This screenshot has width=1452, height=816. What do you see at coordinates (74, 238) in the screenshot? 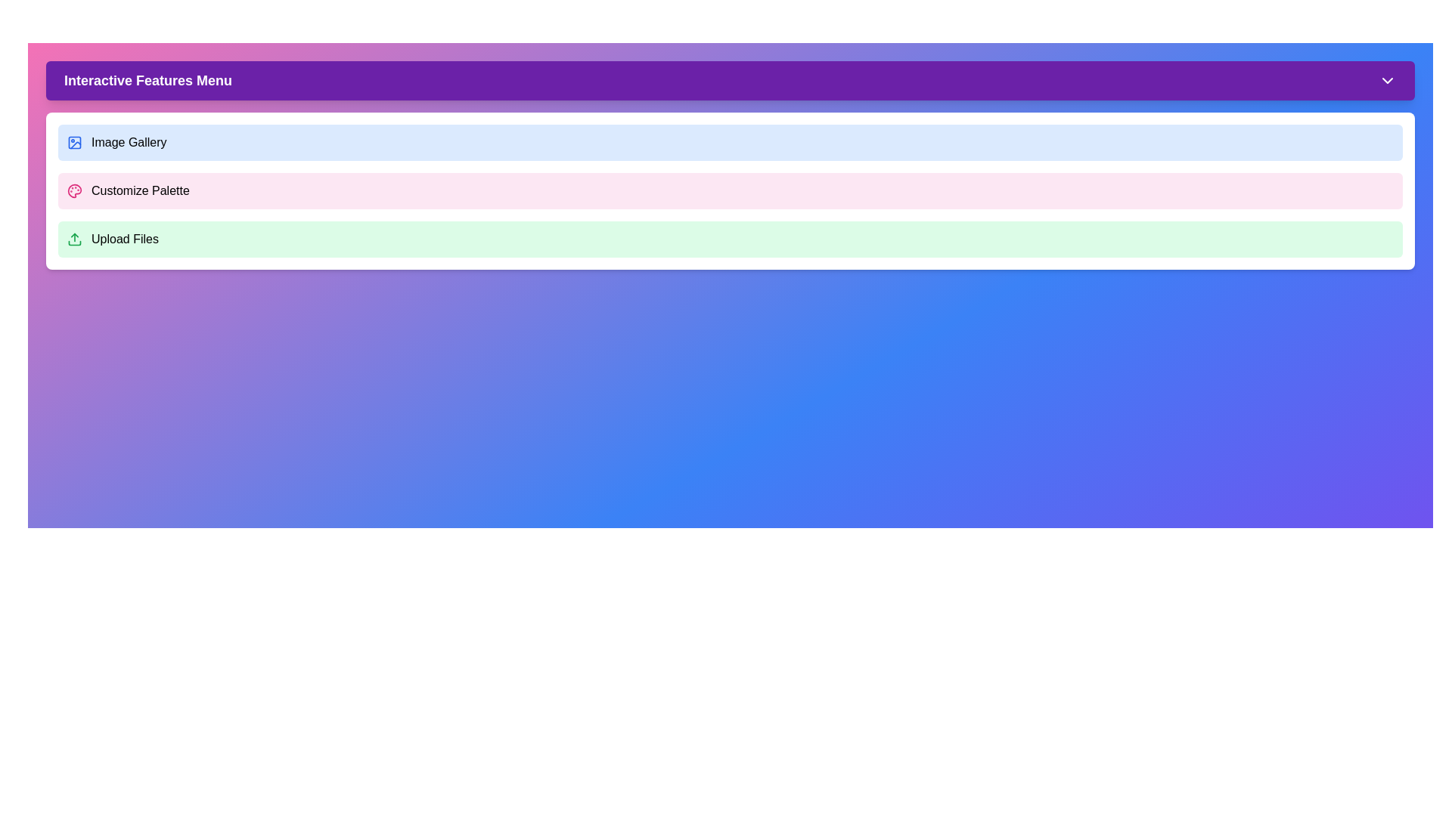
I see `the icon associated with Upload Files` at bounding box center [74, 238].